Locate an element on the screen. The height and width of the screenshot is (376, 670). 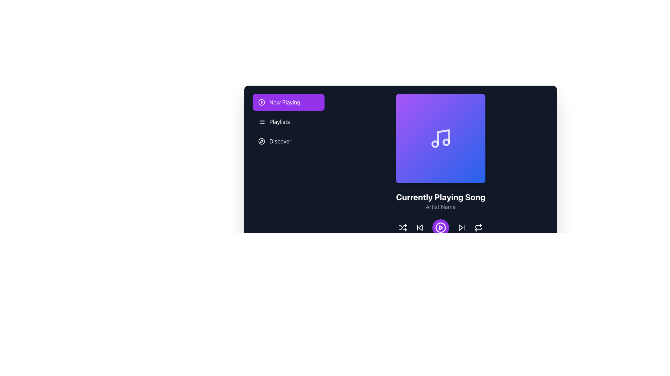
the musical note icon located within the colorful square background in the 'Currently Playing Song' section is located at coordinates (443, 137).